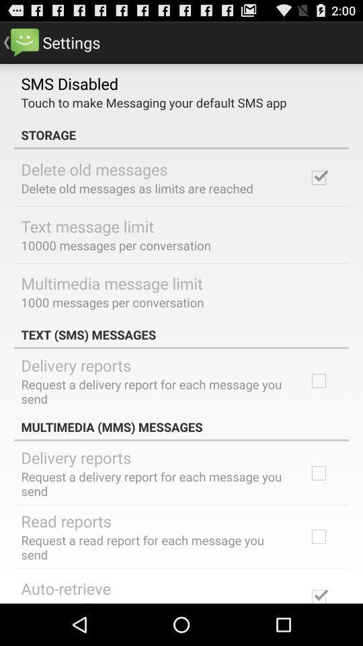 This screenshot has height=646, width=363. Describe the element at coordinates (65, 520) in the screenshot. I see `the icon below the request a delivery icon` at that location.